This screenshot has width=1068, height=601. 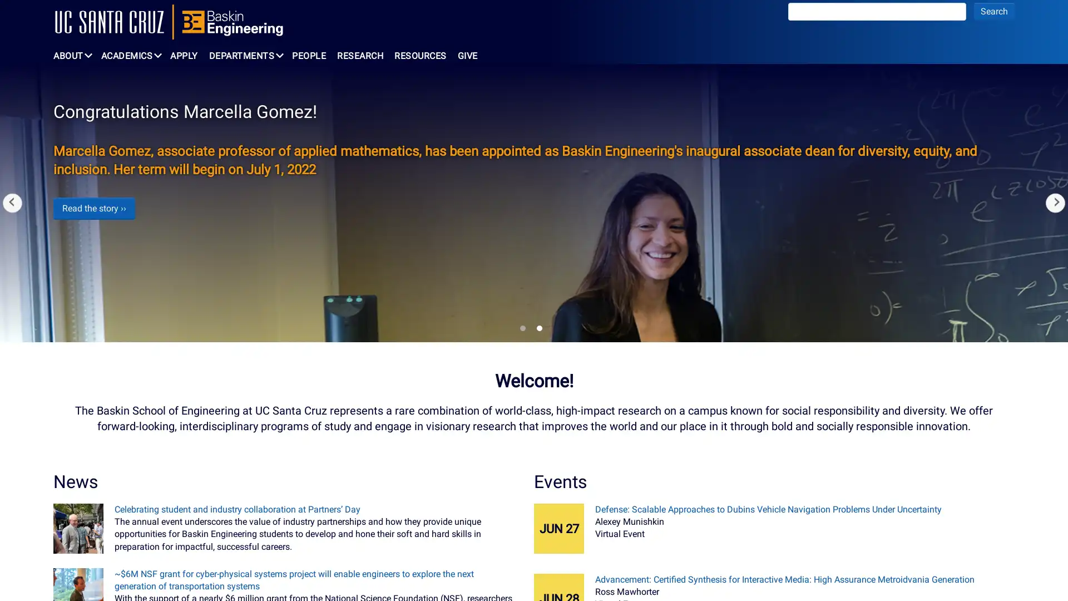 I want to click on 1, so click(x=522, y=327).